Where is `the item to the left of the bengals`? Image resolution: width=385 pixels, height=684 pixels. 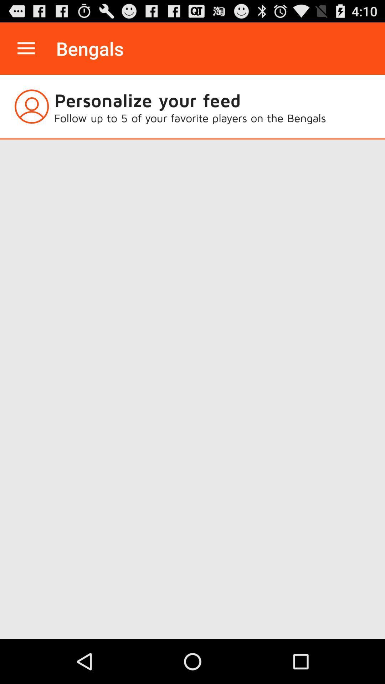 the item to the left of the bengals is located at coordinates (26, 48).